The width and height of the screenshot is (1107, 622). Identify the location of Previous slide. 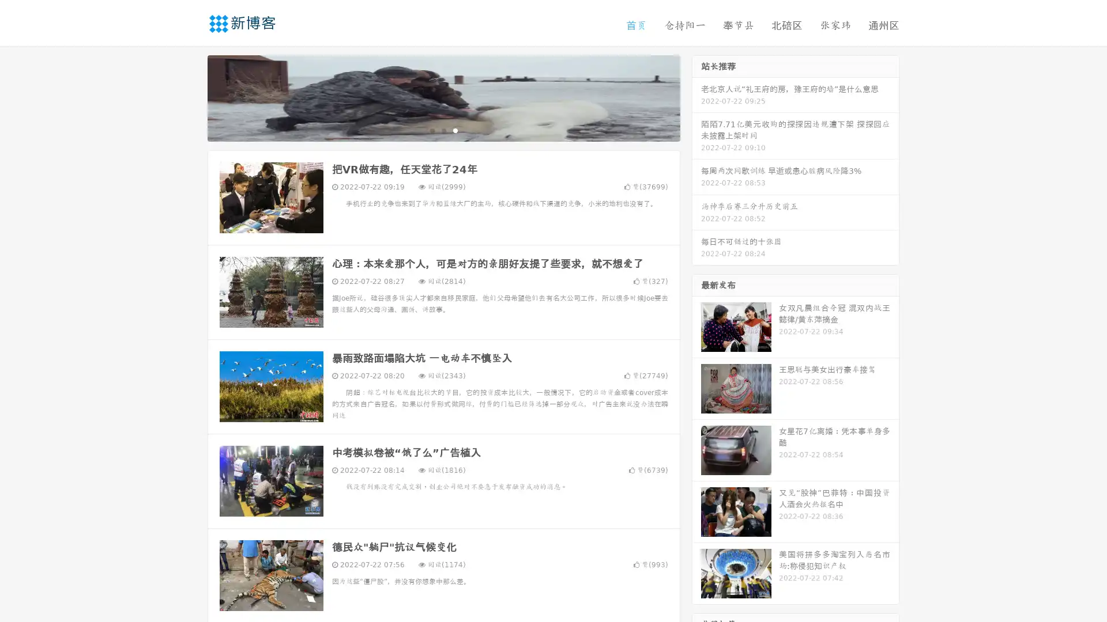
(190, 97).